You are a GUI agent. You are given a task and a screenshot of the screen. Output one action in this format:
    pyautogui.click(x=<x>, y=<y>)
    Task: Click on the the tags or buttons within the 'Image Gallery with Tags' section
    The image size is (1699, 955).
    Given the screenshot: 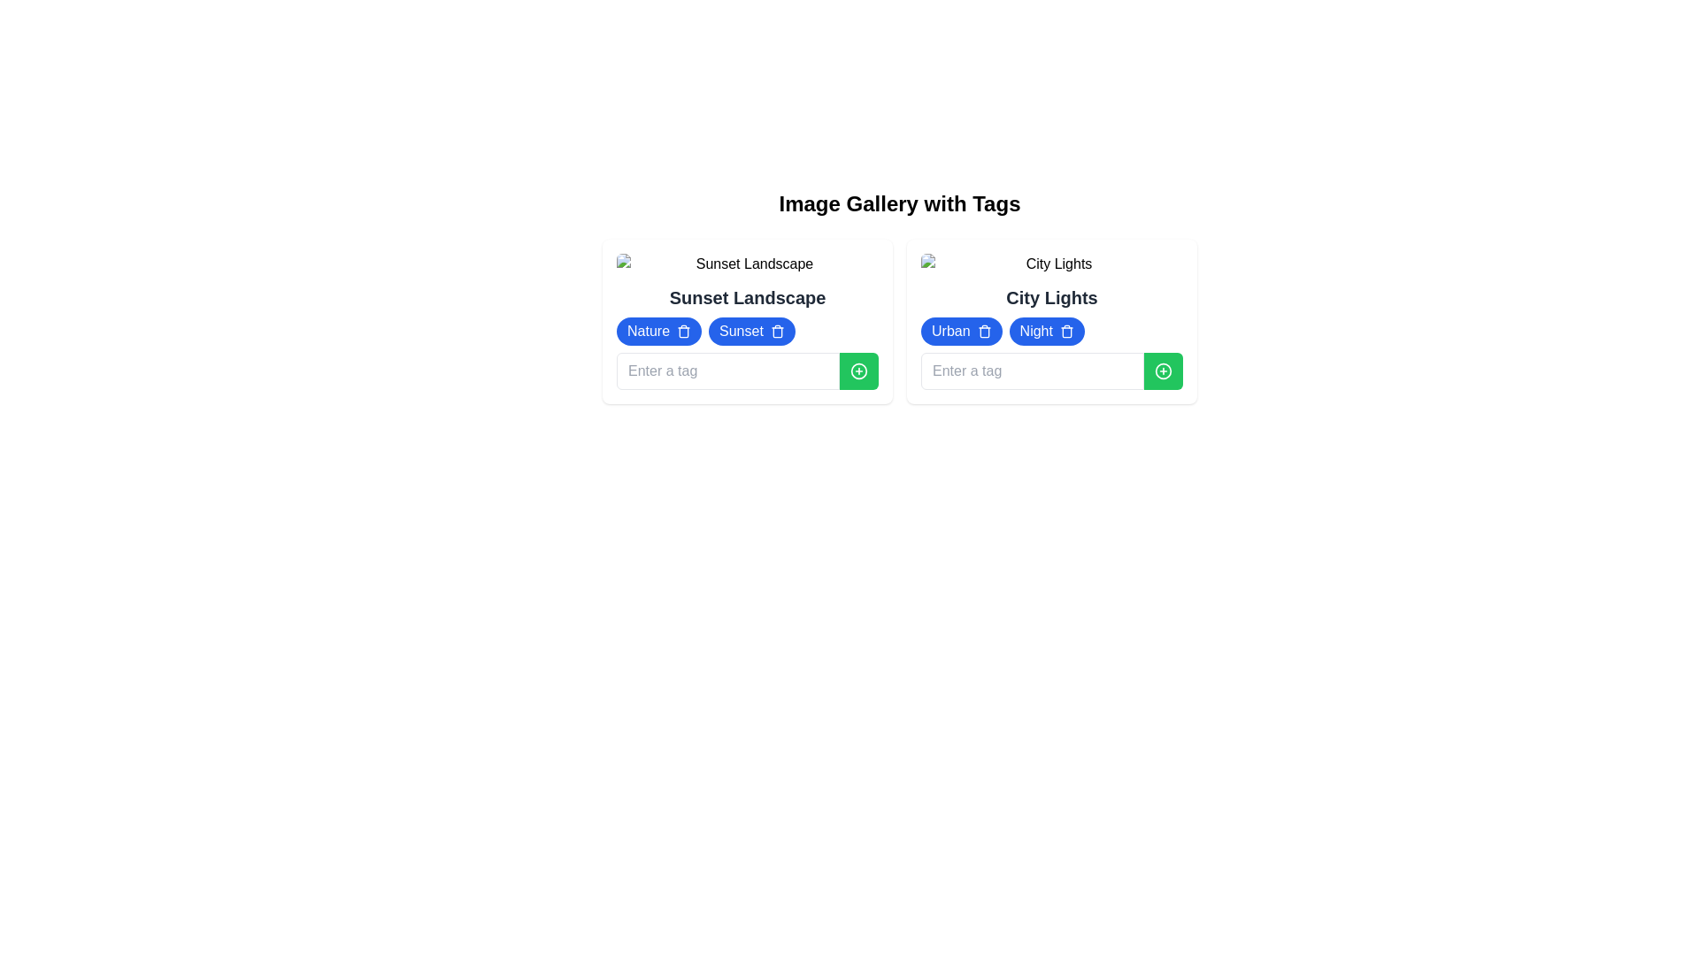 What is the action you would take?
    pyautogui.click(x=900, y=295)
    